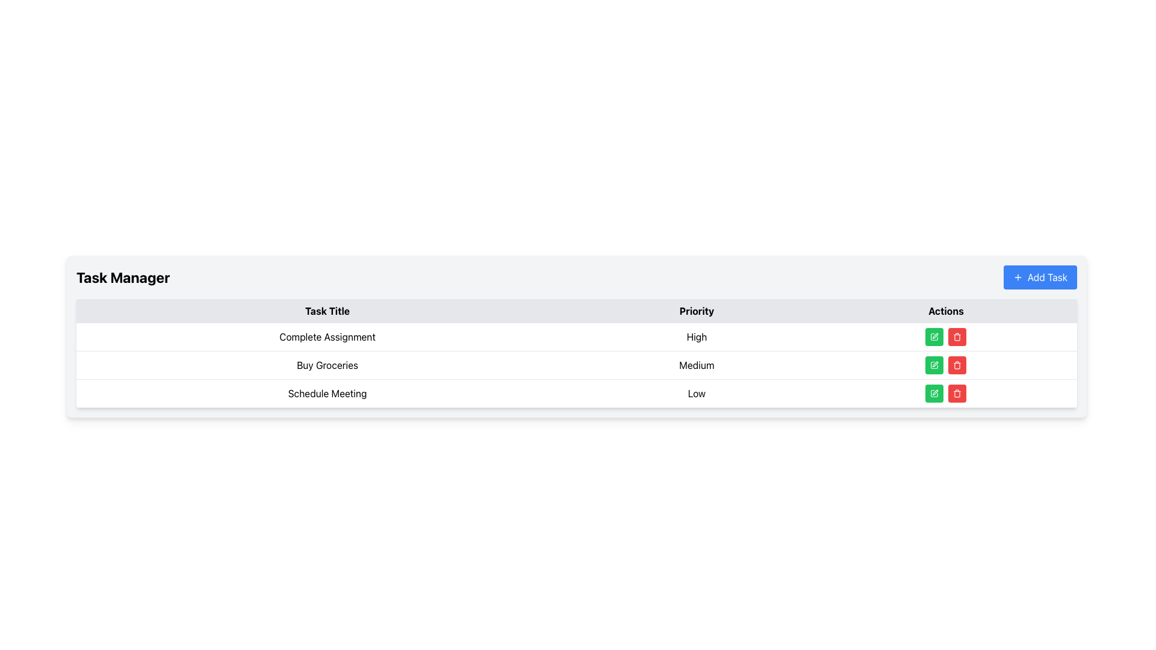  What do you see at coordinates (957, 336) in the screenshot?
I see `the delete button located in the 'Actions' column of the last row in the table, positioned to the right of the green edit button` at bounding box center [957, 336].